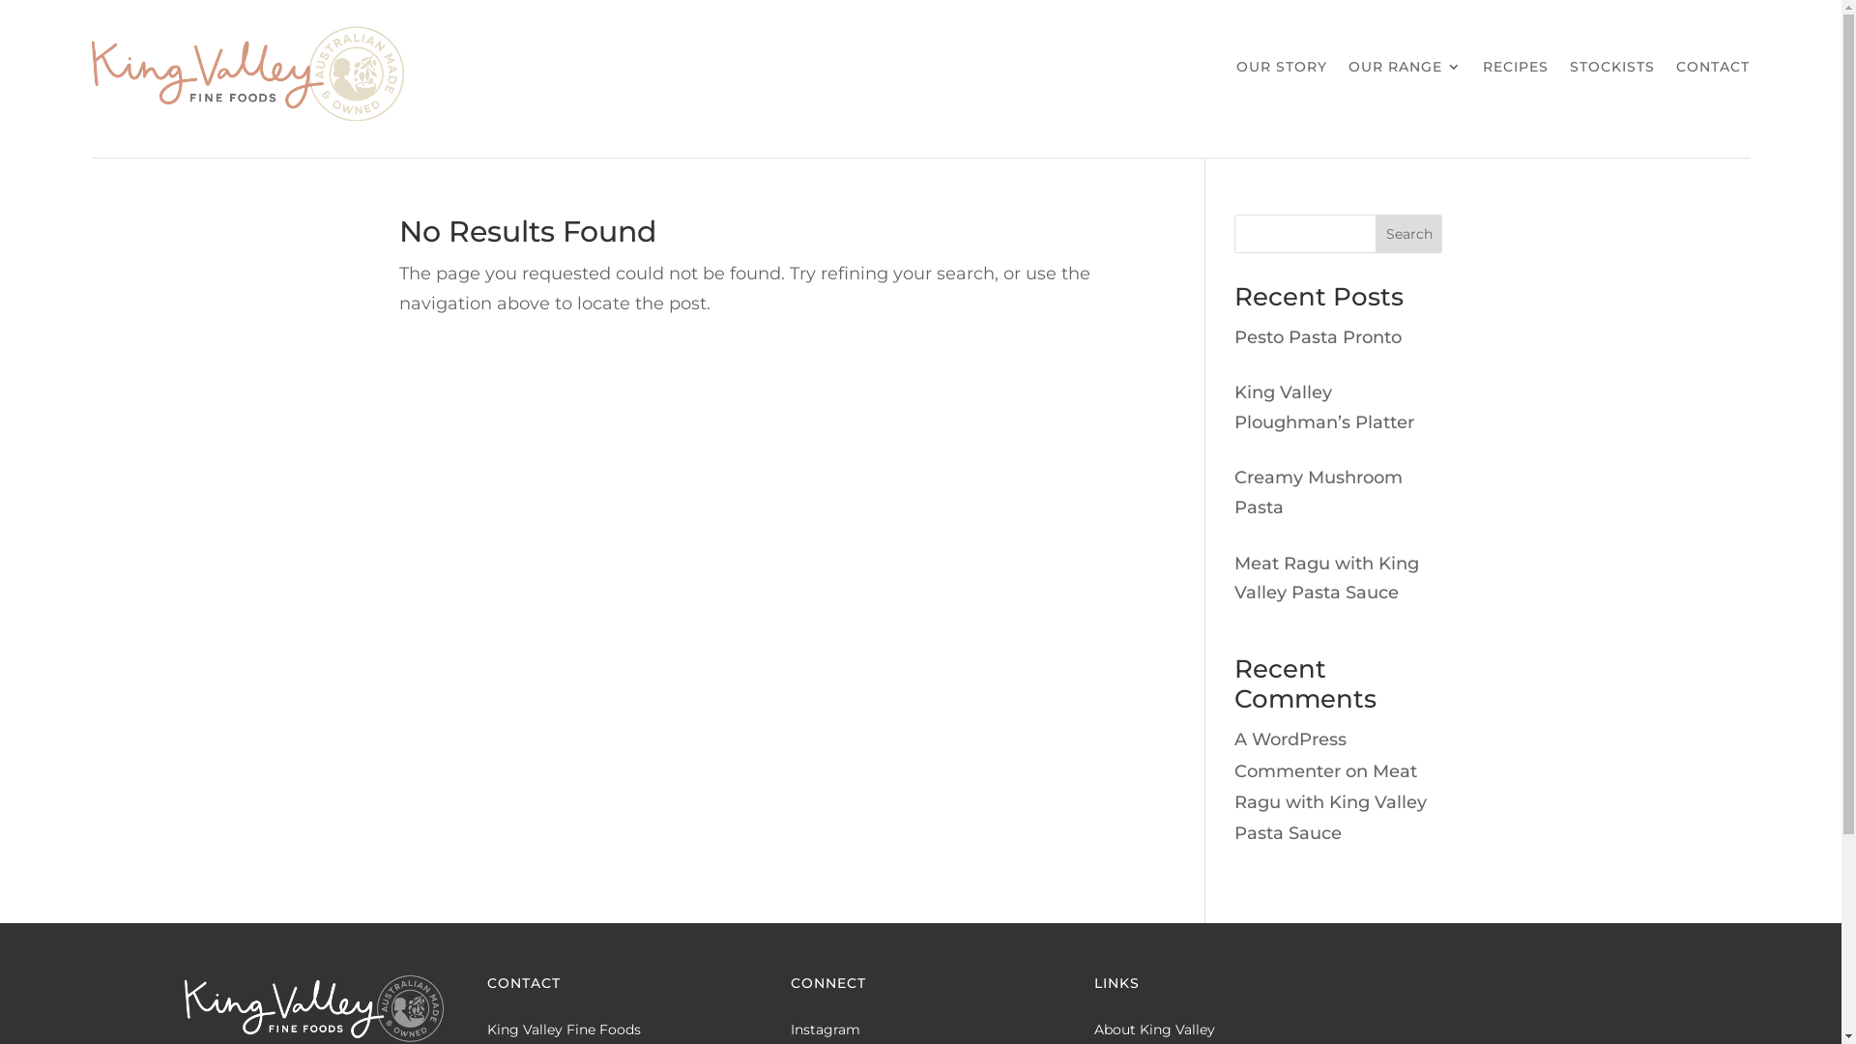 This screenshot has height=1044, width=1856. Describe the element at coordinates (1515, 70) in the screenshot. I see `'RECIPES'` at that location.